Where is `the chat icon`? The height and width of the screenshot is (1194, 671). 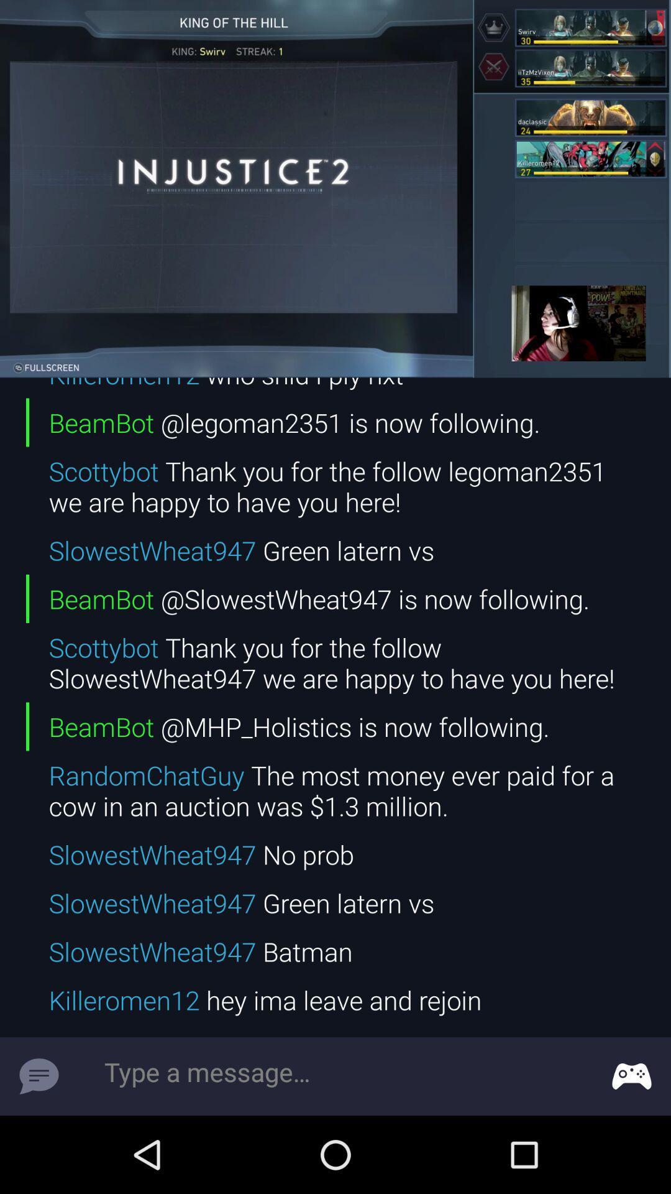
the chat icon is located at coordinates (38, 1076).